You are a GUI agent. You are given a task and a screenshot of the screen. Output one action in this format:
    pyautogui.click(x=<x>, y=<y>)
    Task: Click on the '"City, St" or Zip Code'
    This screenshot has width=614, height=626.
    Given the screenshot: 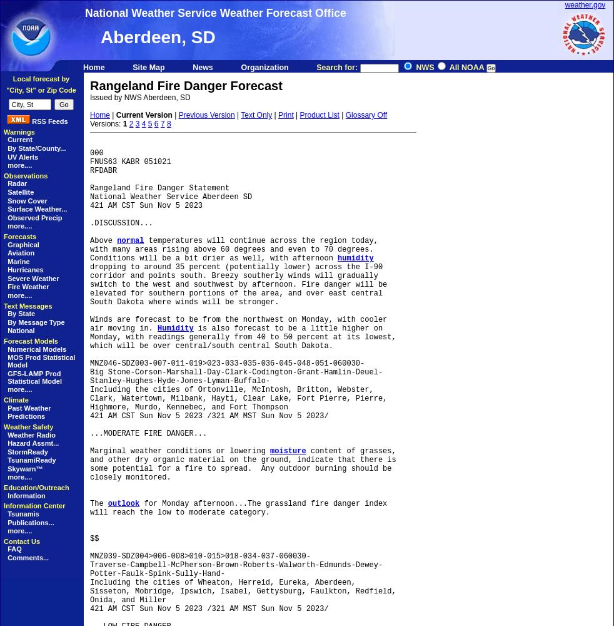 What is the action you would take?
    pyautogui.click(x=40, y=90)
    